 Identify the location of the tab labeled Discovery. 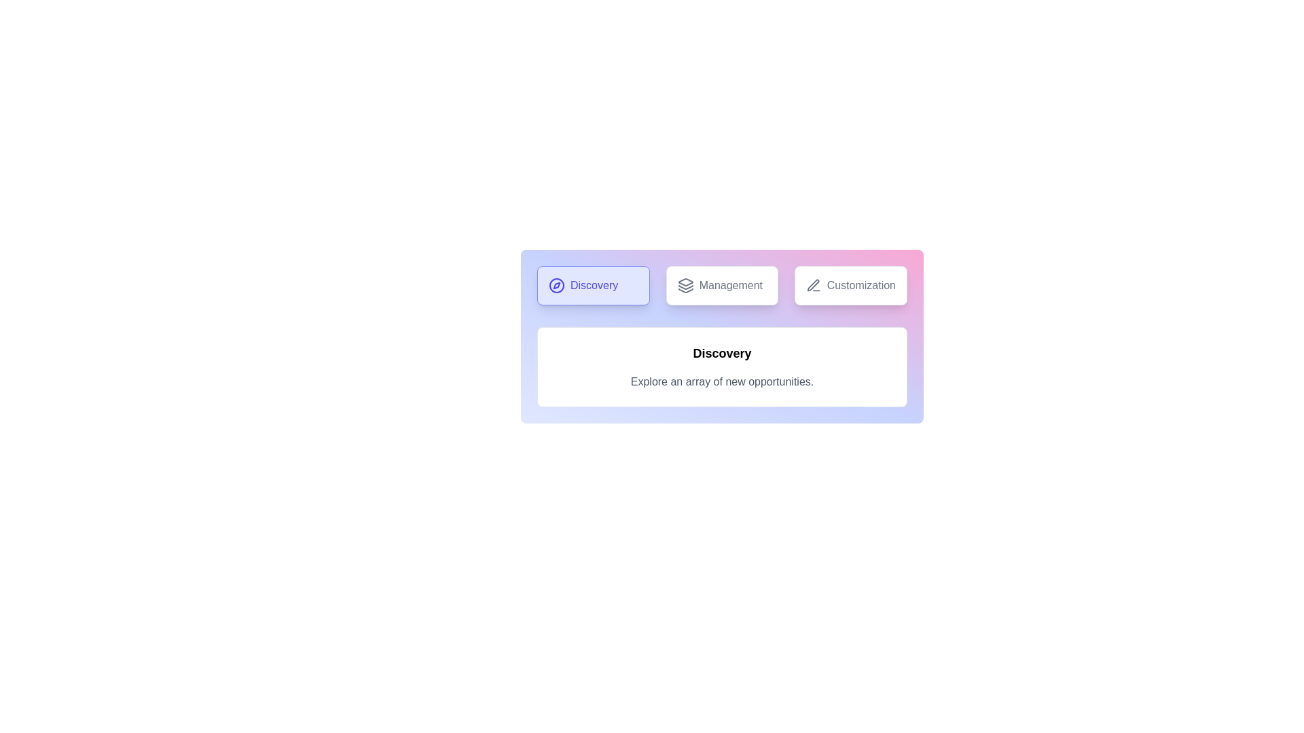
(593, 284).